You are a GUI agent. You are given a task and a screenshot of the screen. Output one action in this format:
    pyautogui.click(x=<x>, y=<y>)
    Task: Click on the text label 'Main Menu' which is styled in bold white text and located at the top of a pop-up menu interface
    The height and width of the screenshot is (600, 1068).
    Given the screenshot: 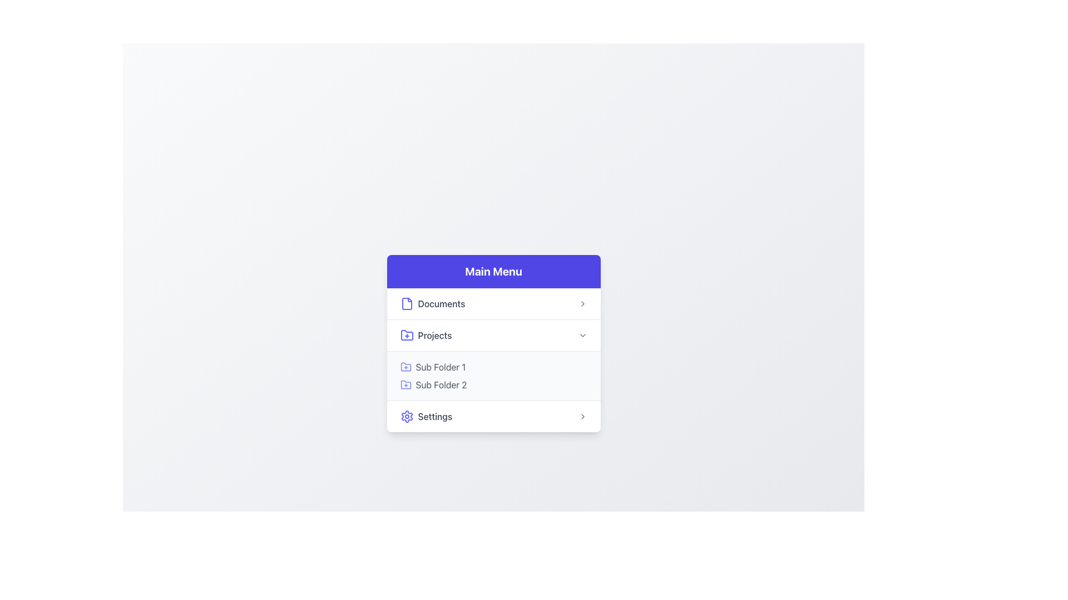 What is the action you would take?
    pyautogui.click(x=493, y=271)
    